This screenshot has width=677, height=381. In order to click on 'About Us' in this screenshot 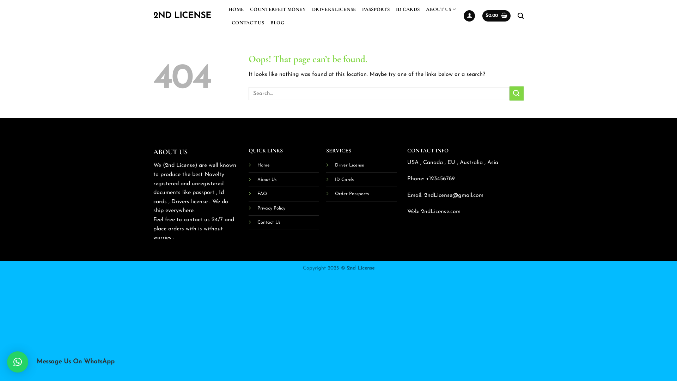, I will do `click(257, 179)`.